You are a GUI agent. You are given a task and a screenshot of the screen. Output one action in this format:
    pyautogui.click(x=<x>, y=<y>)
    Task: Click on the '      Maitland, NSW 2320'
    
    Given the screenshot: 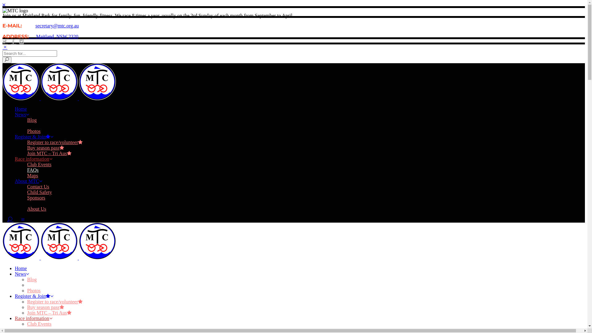 What is the action you would take?
    pyautogui.click(x=53, y=36)
    